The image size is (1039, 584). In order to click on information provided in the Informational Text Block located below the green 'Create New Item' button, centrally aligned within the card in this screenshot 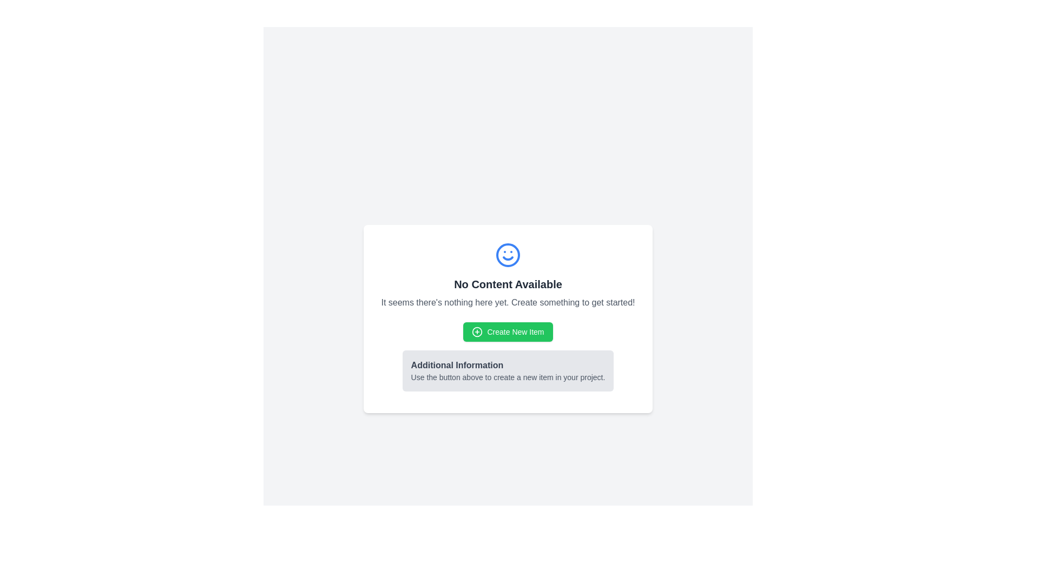, I will do `click(508, 370)`.